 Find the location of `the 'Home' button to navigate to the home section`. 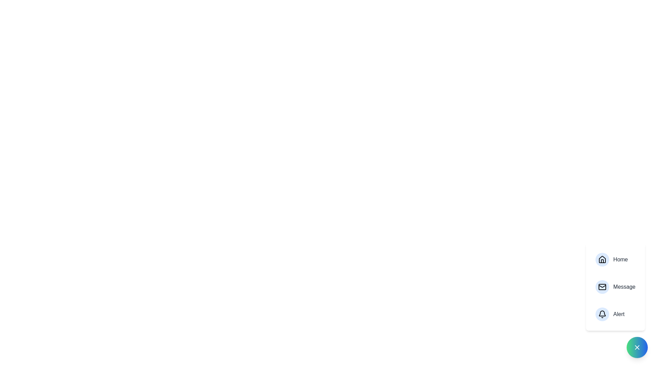

the 'Home' button to navigate to the home section is located at coordinates (615, 259).